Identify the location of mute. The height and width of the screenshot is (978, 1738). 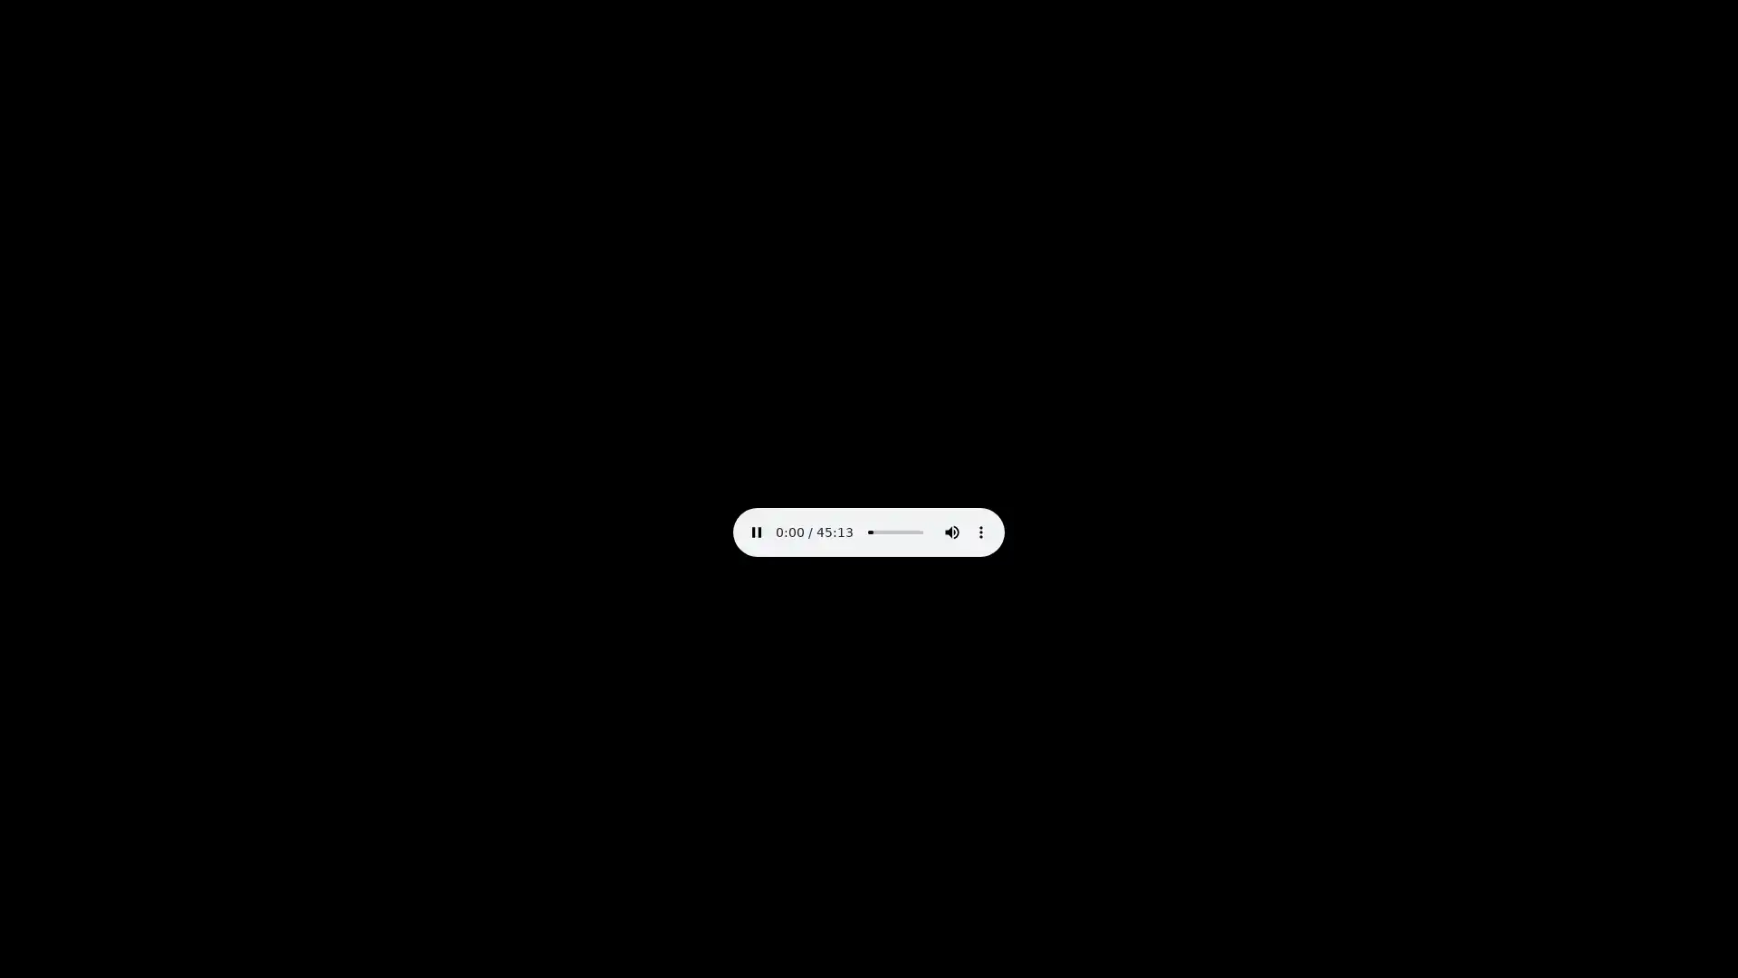
(950, 531).